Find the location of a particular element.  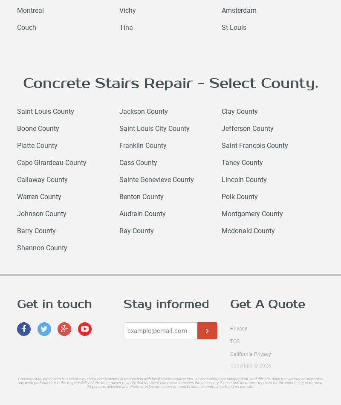

'Polk County' is located at coordinates (221, 196).